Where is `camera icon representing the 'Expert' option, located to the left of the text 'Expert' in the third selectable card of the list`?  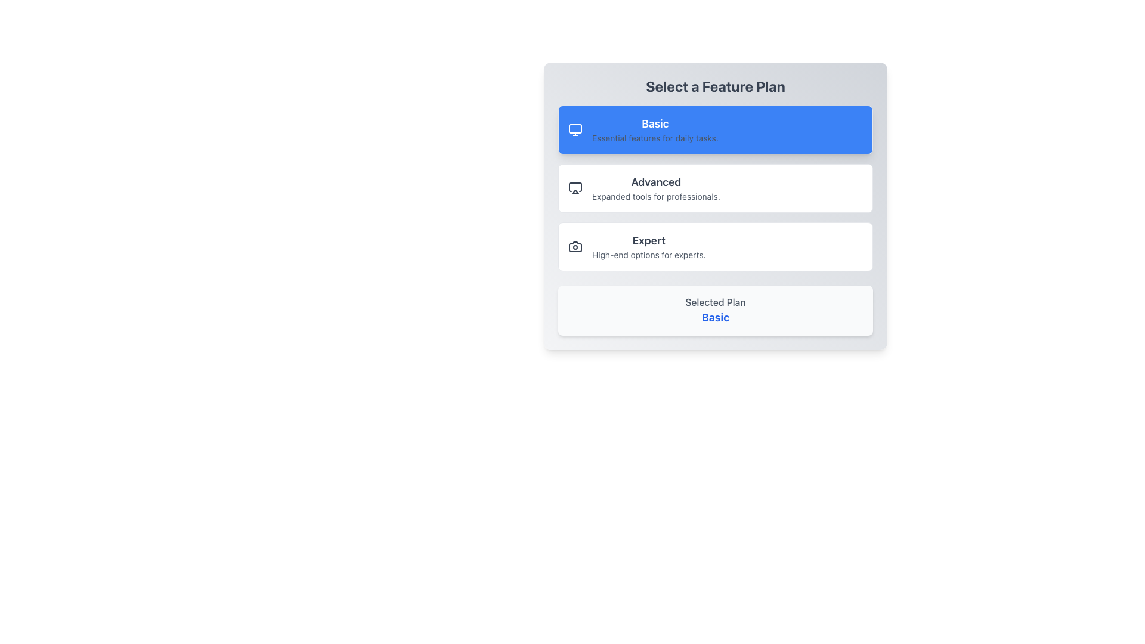 camera icon representing the 'Expert' option, located to the left of the text 'Expert' in the third selectable card of the list is located at coordinates (575, 246).